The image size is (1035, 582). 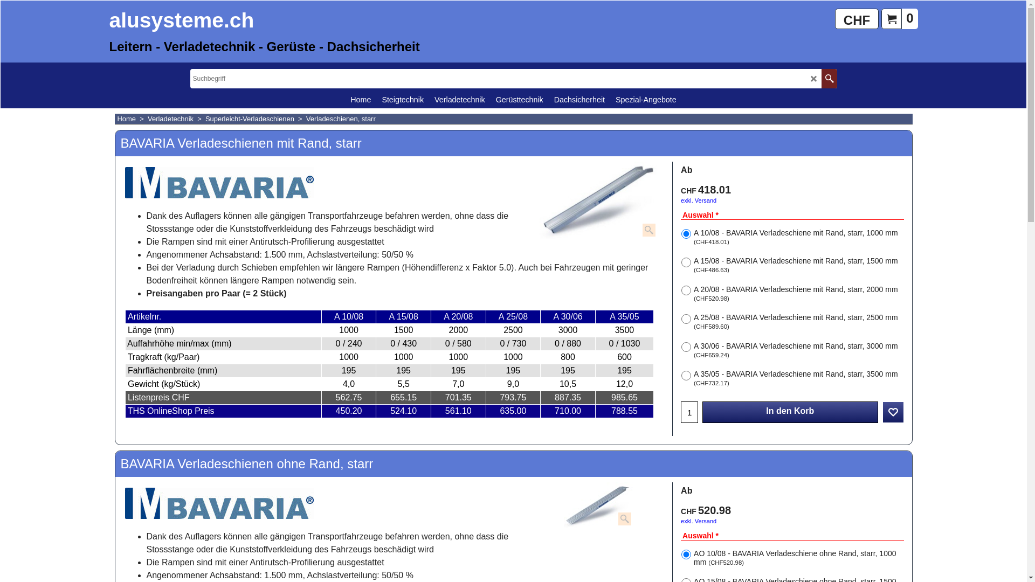 I want to click on 'Home  > ', so click(x=117, y=119).